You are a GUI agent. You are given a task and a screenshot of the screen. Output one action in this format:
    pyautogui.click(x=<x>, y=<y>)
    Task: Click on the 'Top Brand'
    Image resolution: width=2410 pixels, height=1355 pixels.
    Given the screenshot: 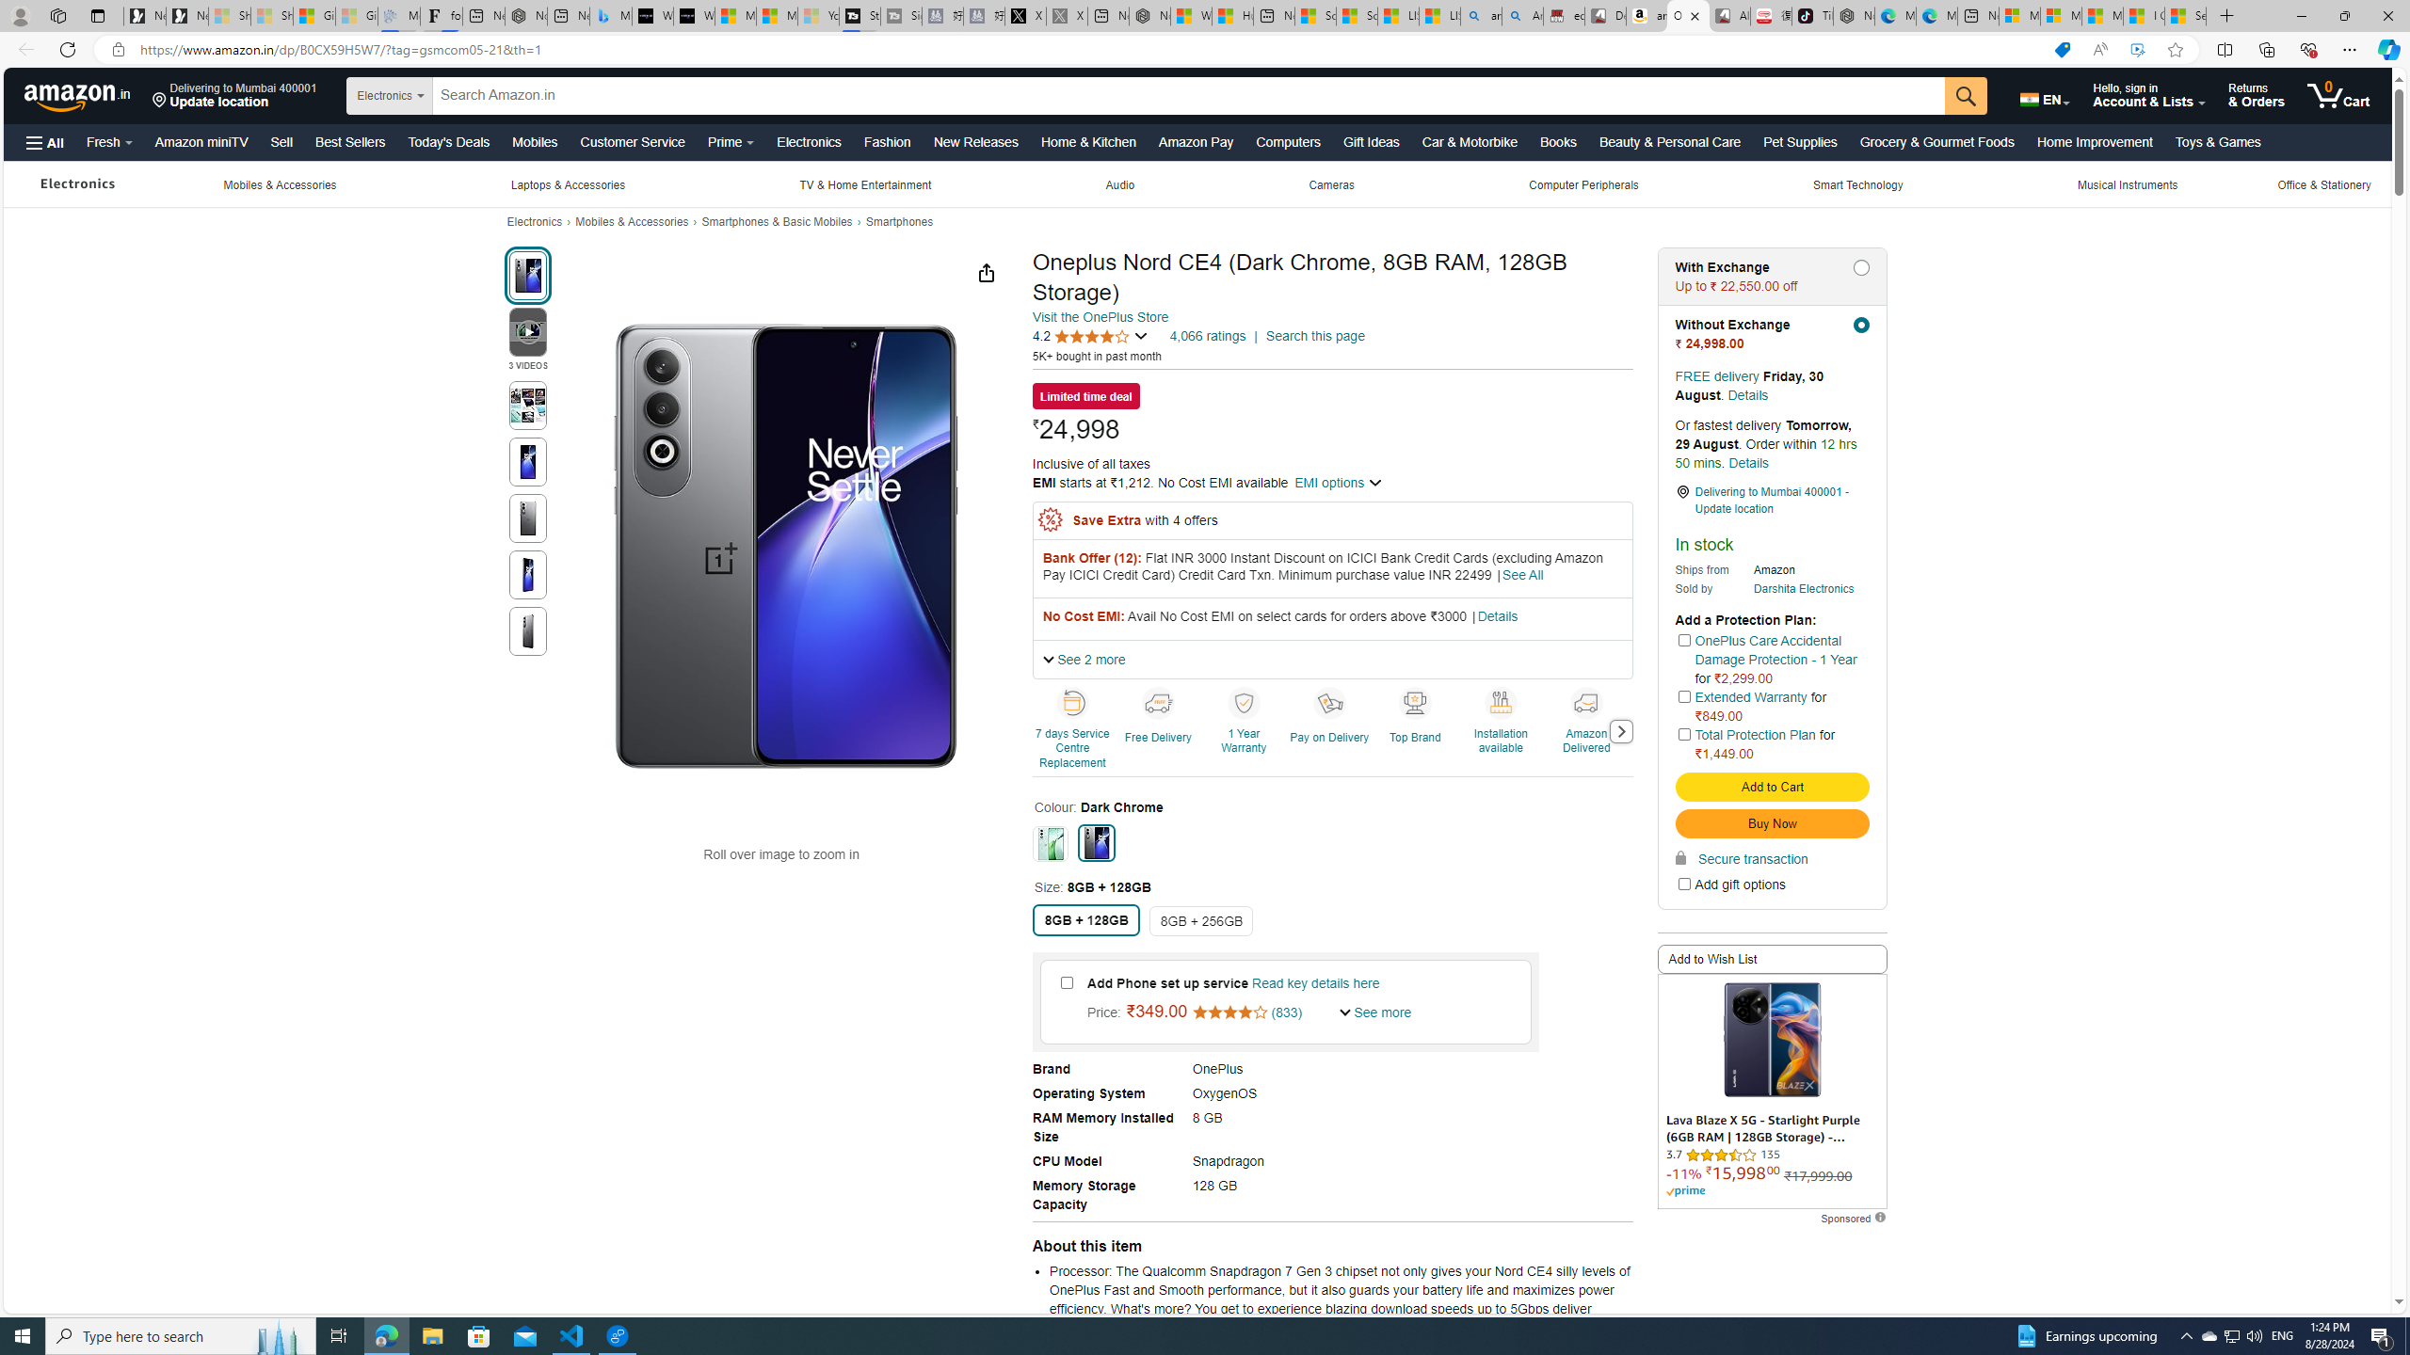 What is the action you would take?
    pyautogui.click(x=1416, y=729)
    